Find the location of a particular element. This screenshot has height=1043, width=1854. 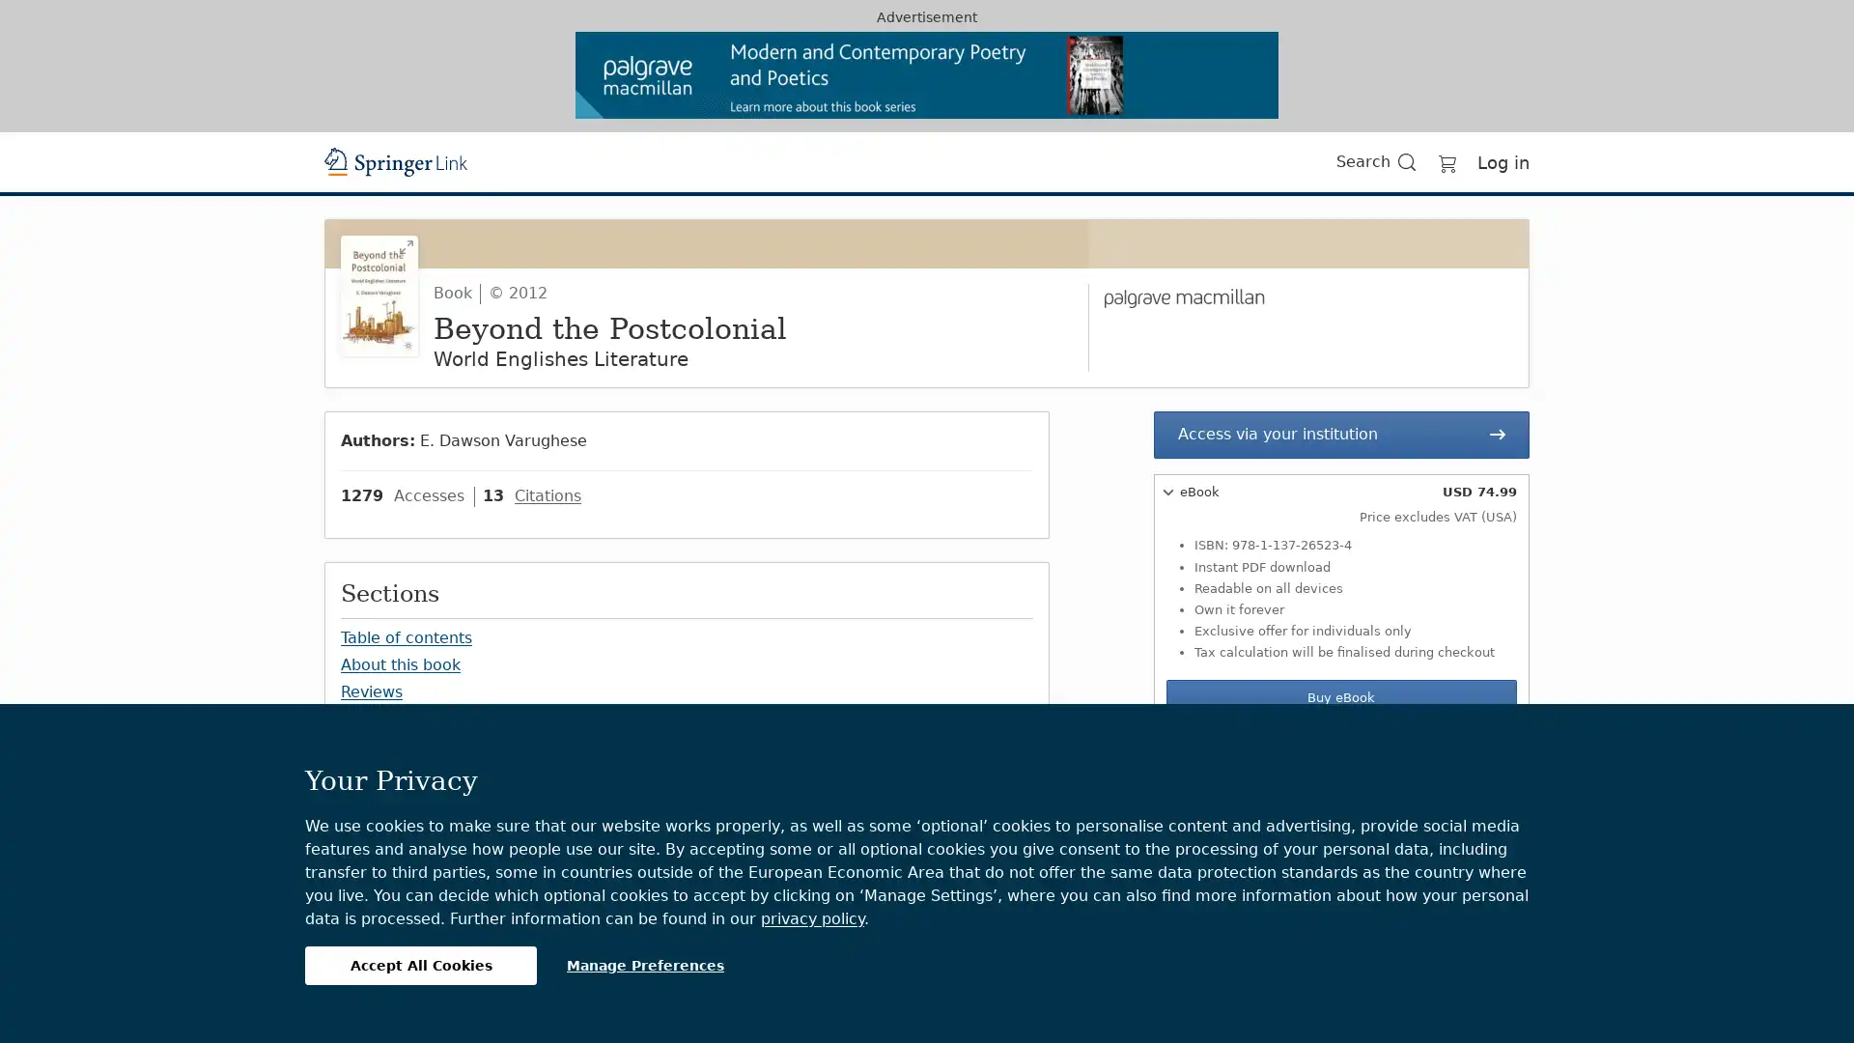

eBook USD 74.99 is located at coordinates (1339, 491).